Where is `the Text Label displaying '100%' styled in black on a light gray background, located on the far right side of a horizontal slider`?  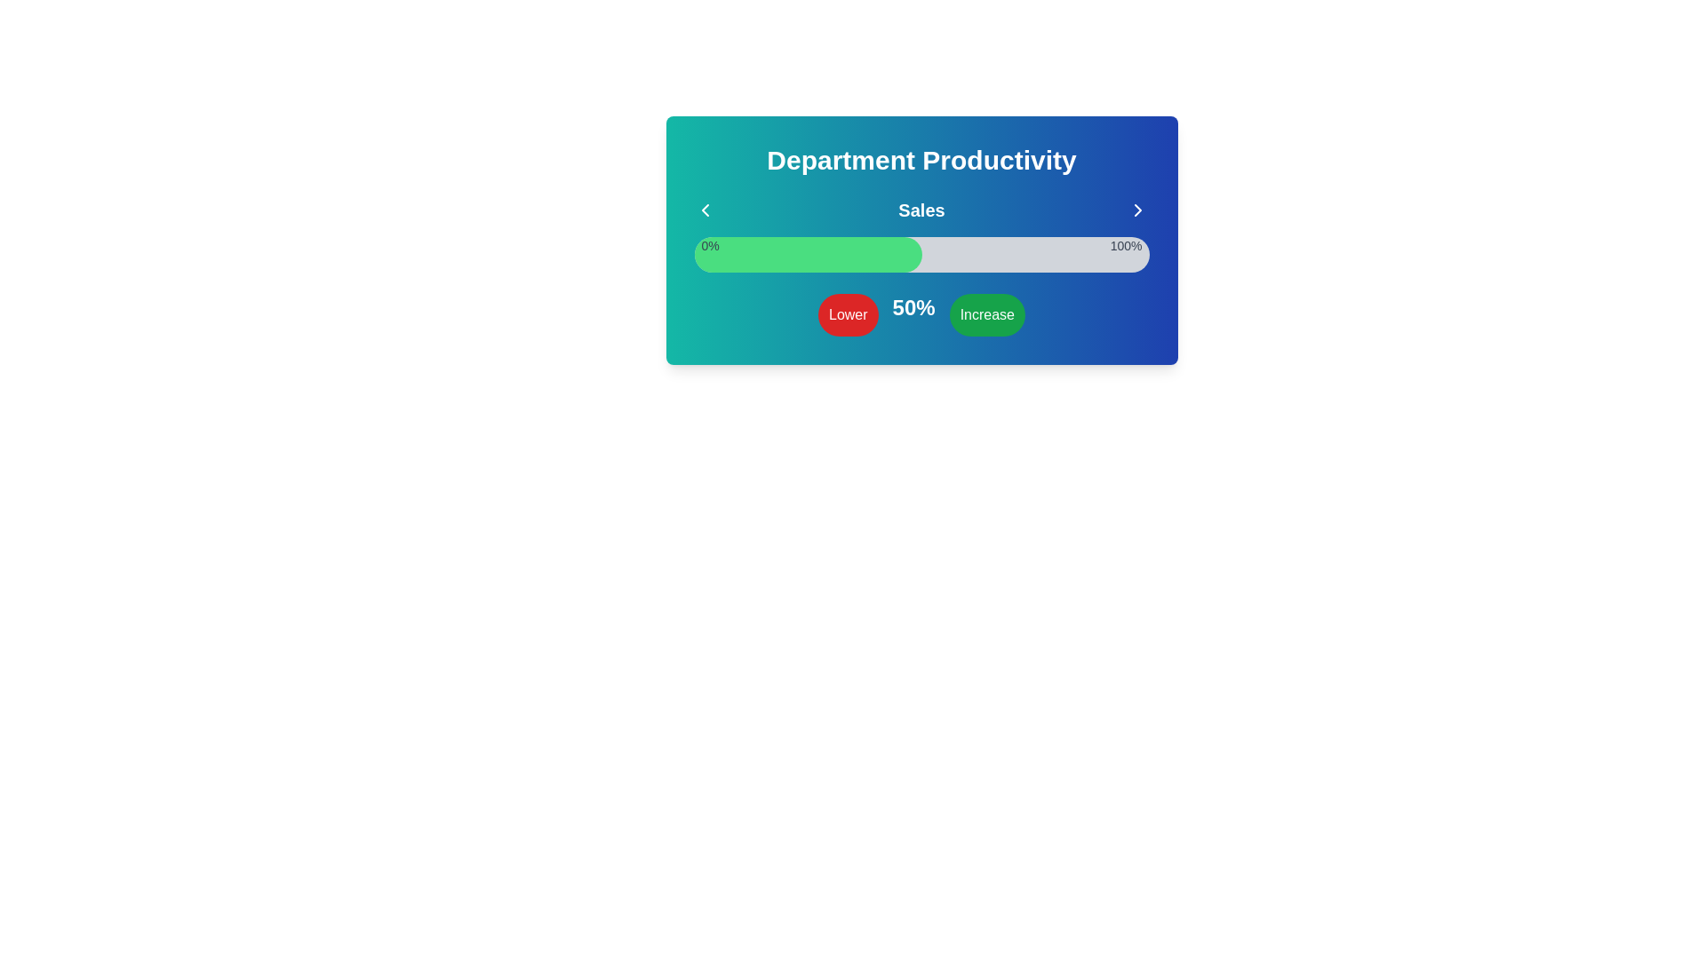 the Text Label displaying '100%' styled in black on a light gray background, located on the far right side of a horizontal slider is located at coordinates (1125, 246).